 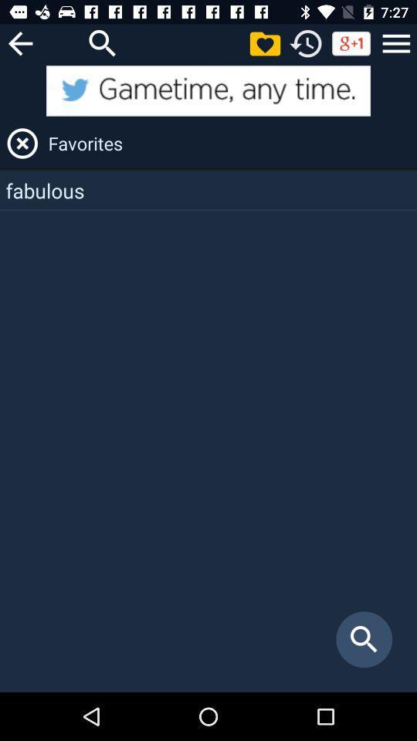 I want to click on favorites icon, so click(x=229, y=143).